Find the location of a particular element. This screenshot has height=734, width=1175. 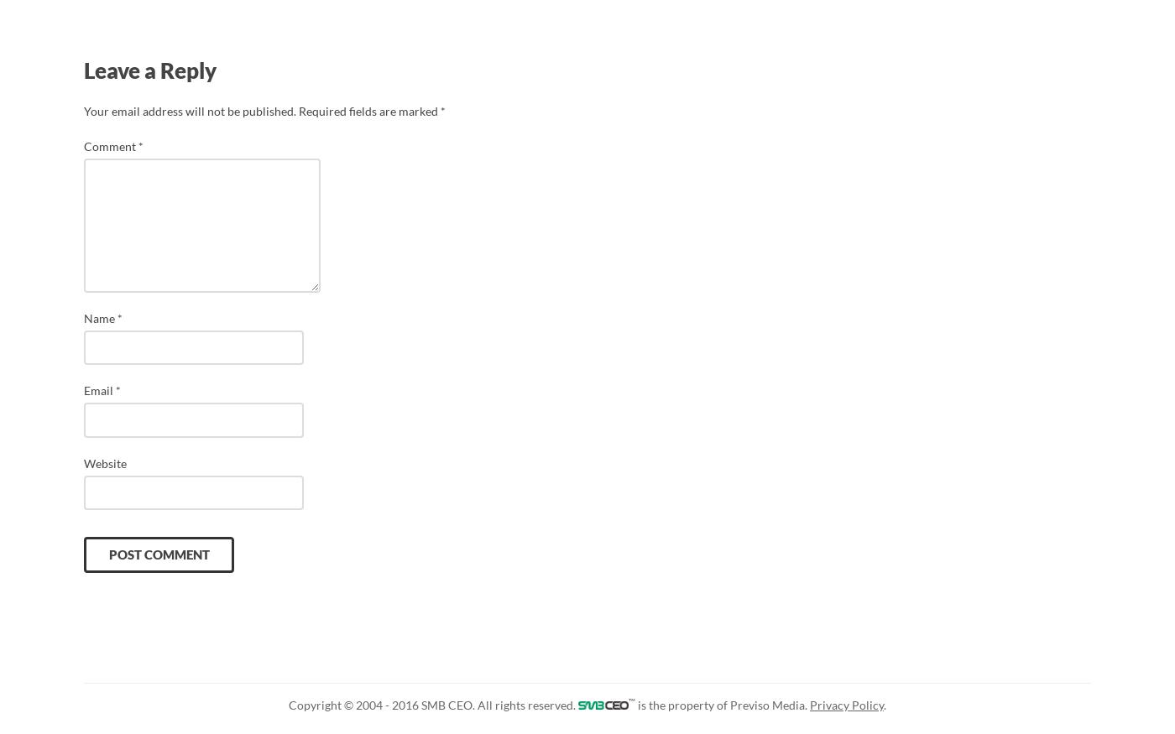

'Leave a Reply' is located at coordinates (150, 70).